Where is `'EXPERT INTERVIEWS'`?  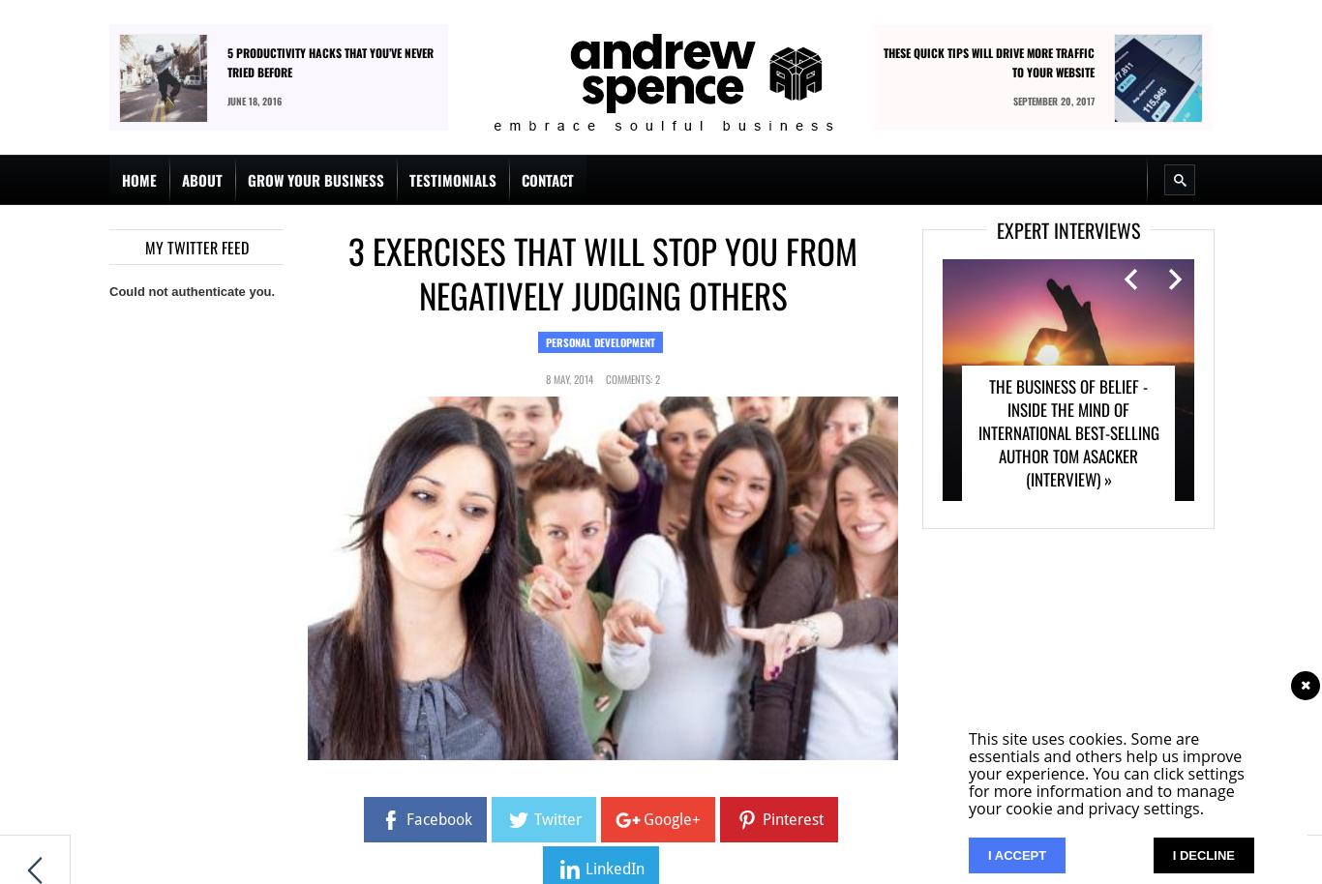
'EXPERT INTERVIEWS' is located at coordinates (1067, 229).